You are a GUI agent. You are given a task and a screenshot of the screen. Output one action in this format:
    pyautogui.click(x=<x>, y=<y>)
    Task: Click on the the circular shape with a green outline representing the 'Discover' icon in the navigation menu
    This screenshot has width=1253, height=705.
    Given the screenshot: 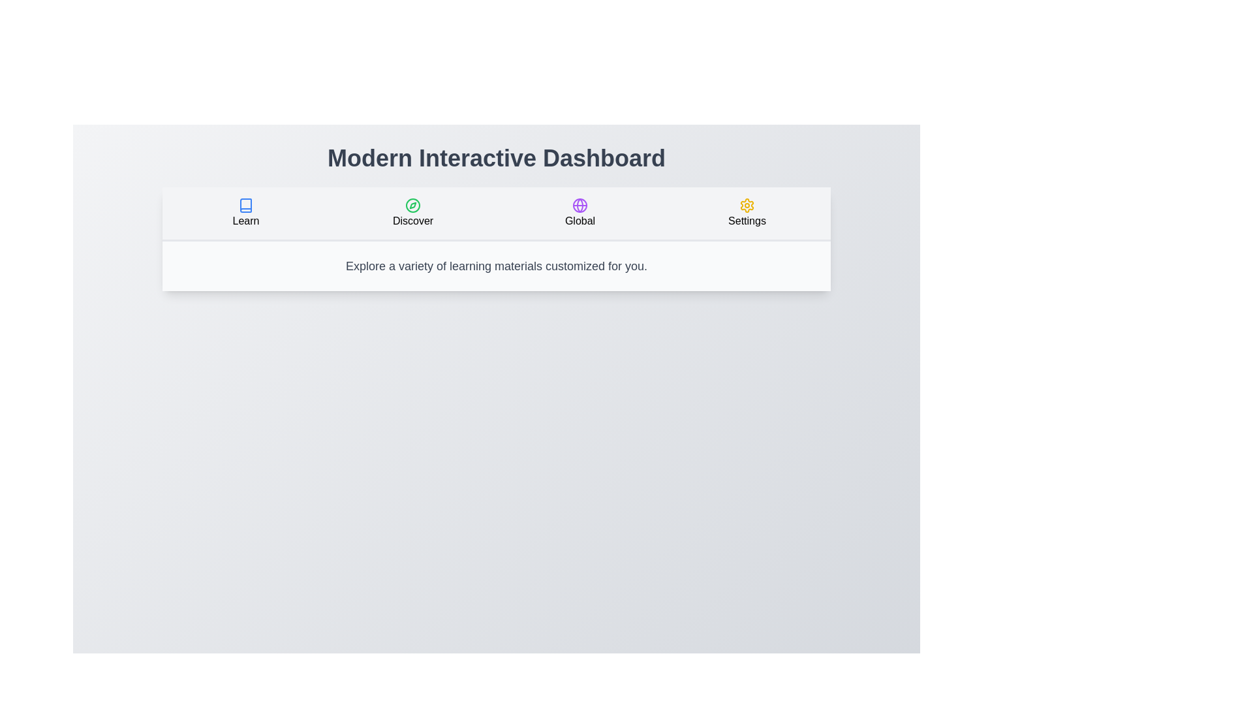 What is the action you would take?
    pyautogui.click(x=412, y=206)
    